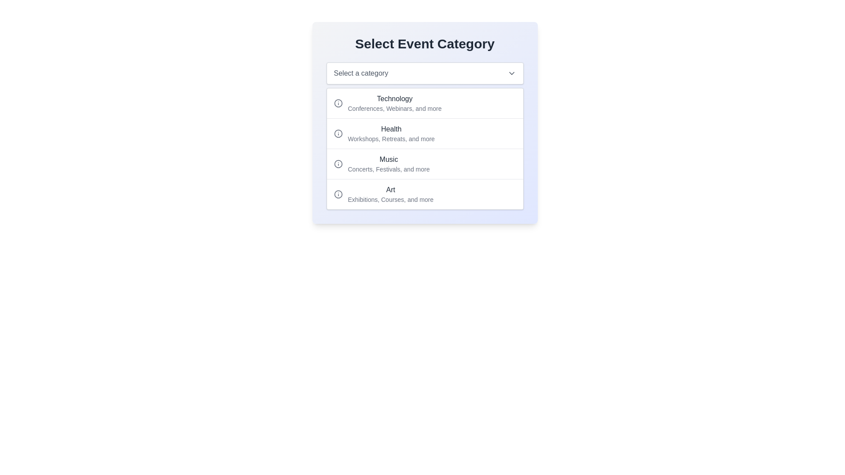 The height and width of the screenshot is (475, 845). Describe the element at coordinates (388, 169) in the screenshot. I see `text label displaying 'Concerts, Festivals, and more' located below the word 'Music' in a small, gray font` at that location.